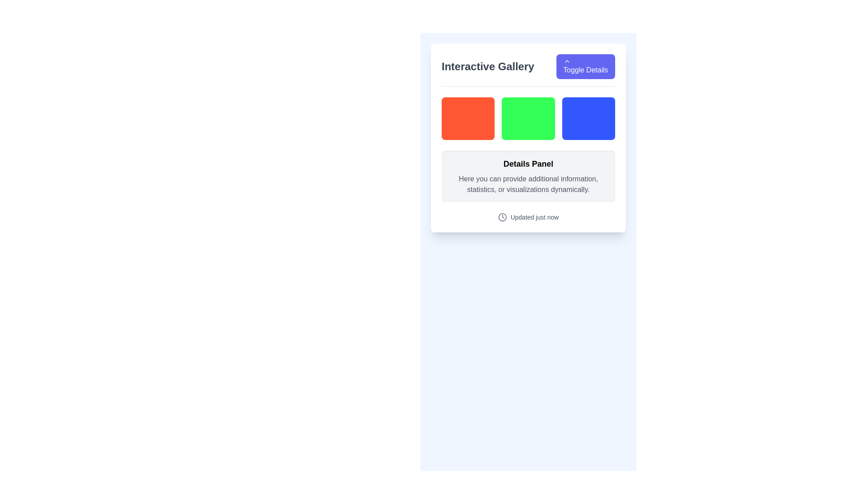 This screenshot has height=480, width=854. I want to click on information displayed in the card titled 'Details Panel', which contains descriptive text and a timestamp, so click(528, 159).